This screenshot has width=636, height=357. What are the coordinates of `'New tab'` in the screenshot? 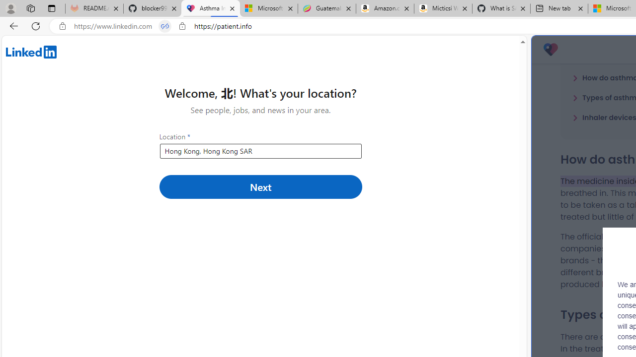 It's located at (559, 8).